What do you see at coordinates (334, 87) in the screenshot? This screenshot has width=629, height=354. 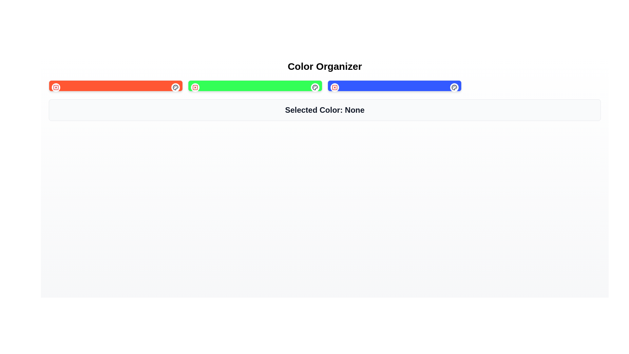 I see `the delete button with a red cross icon located at the top-left corner of the blue section` at bounding box center [334, 87].